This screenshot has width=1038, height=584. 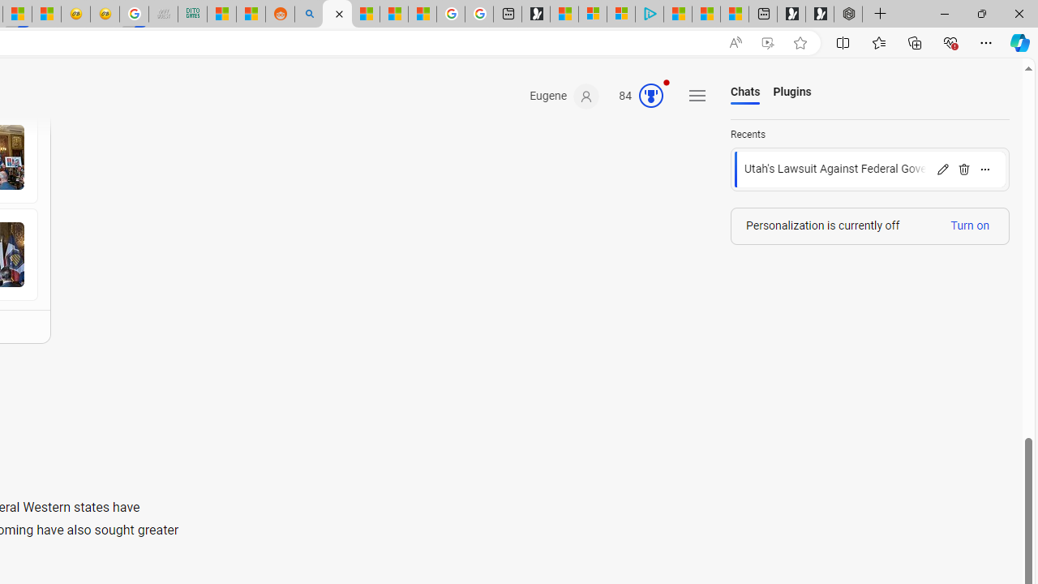 What do you see at coordinates (869, 170) in the screenshot?
I see `'Load chat'` at bounding box center [869, 170].